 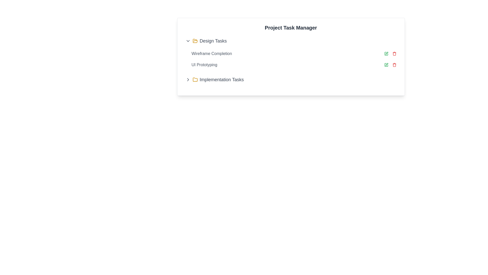 What do you see at coordinates (386, 54) in the screenshot?
I see `the green edit icon resembling a pen located to the right of the 'Wireframe Completion' text` at bounding box center [386, 54].